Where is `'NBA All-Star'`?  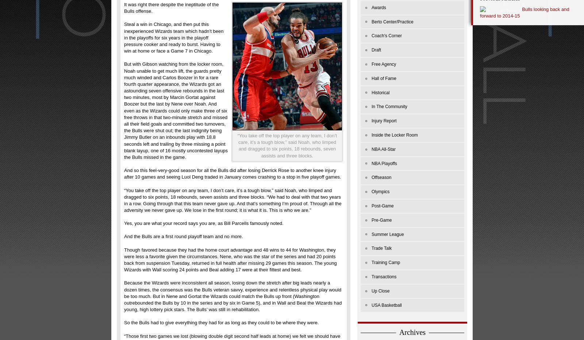 'NBA All-Star' is located at coordinates (384, 148).